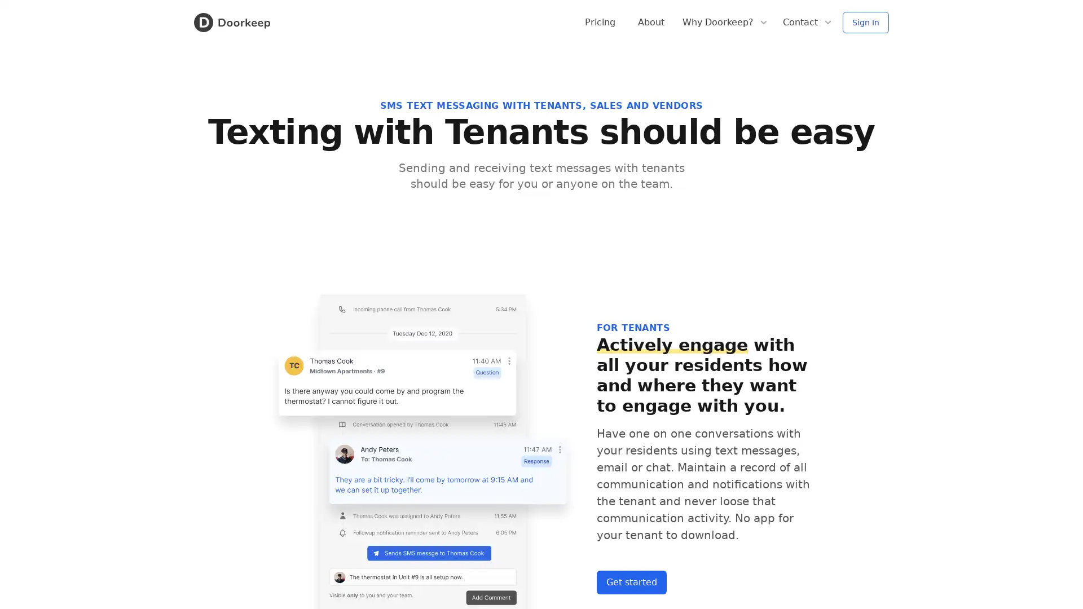  I want to click on Why Doorkeep?, so click(725, 22).